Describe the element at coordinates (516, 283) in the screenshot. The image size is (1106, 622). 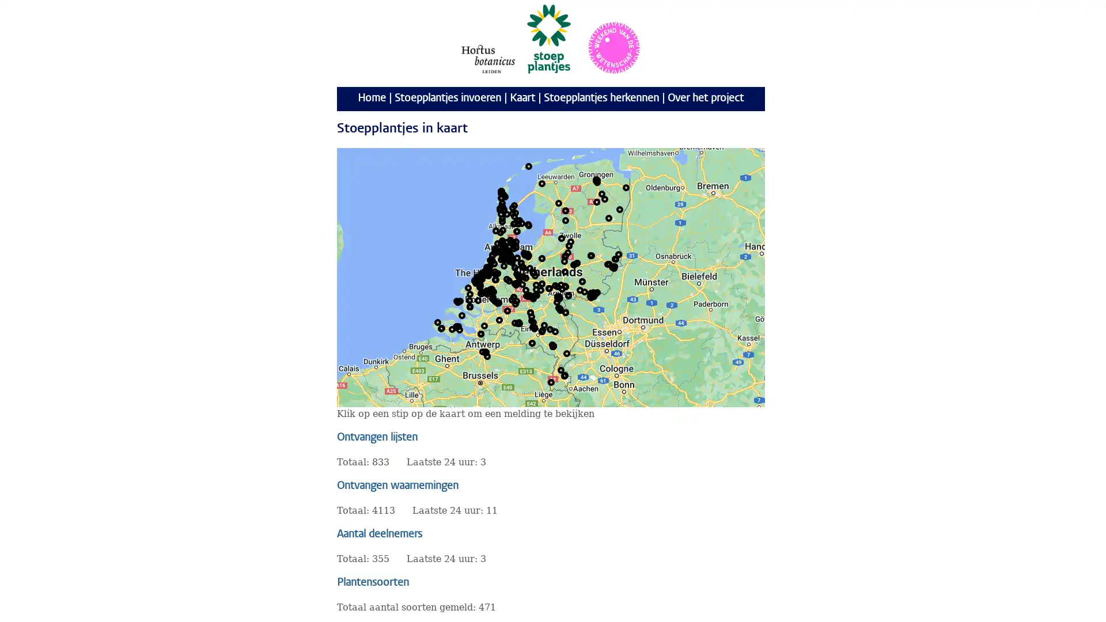
I see `Telling van floran op 02 mei 2022` at that location.